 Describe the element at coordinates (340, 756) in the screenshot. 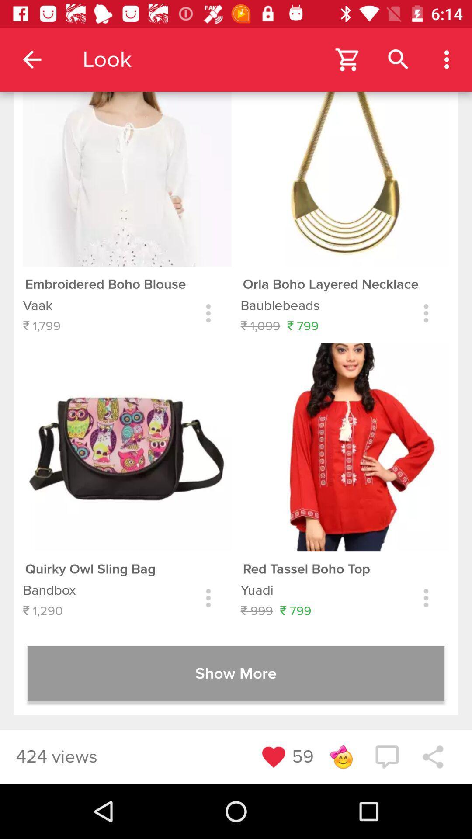

I see `the emoji icon` at that location.